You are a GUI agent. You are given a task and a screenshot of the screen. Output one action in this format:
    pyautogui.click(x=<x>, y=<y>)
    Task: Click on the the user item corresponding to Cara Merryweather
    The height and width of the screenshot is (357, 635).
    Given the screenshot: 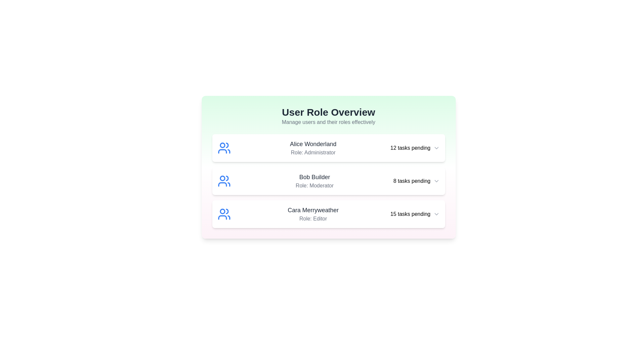 What is the action you would take?
    pyautogui.click(x=328, y=214)
    